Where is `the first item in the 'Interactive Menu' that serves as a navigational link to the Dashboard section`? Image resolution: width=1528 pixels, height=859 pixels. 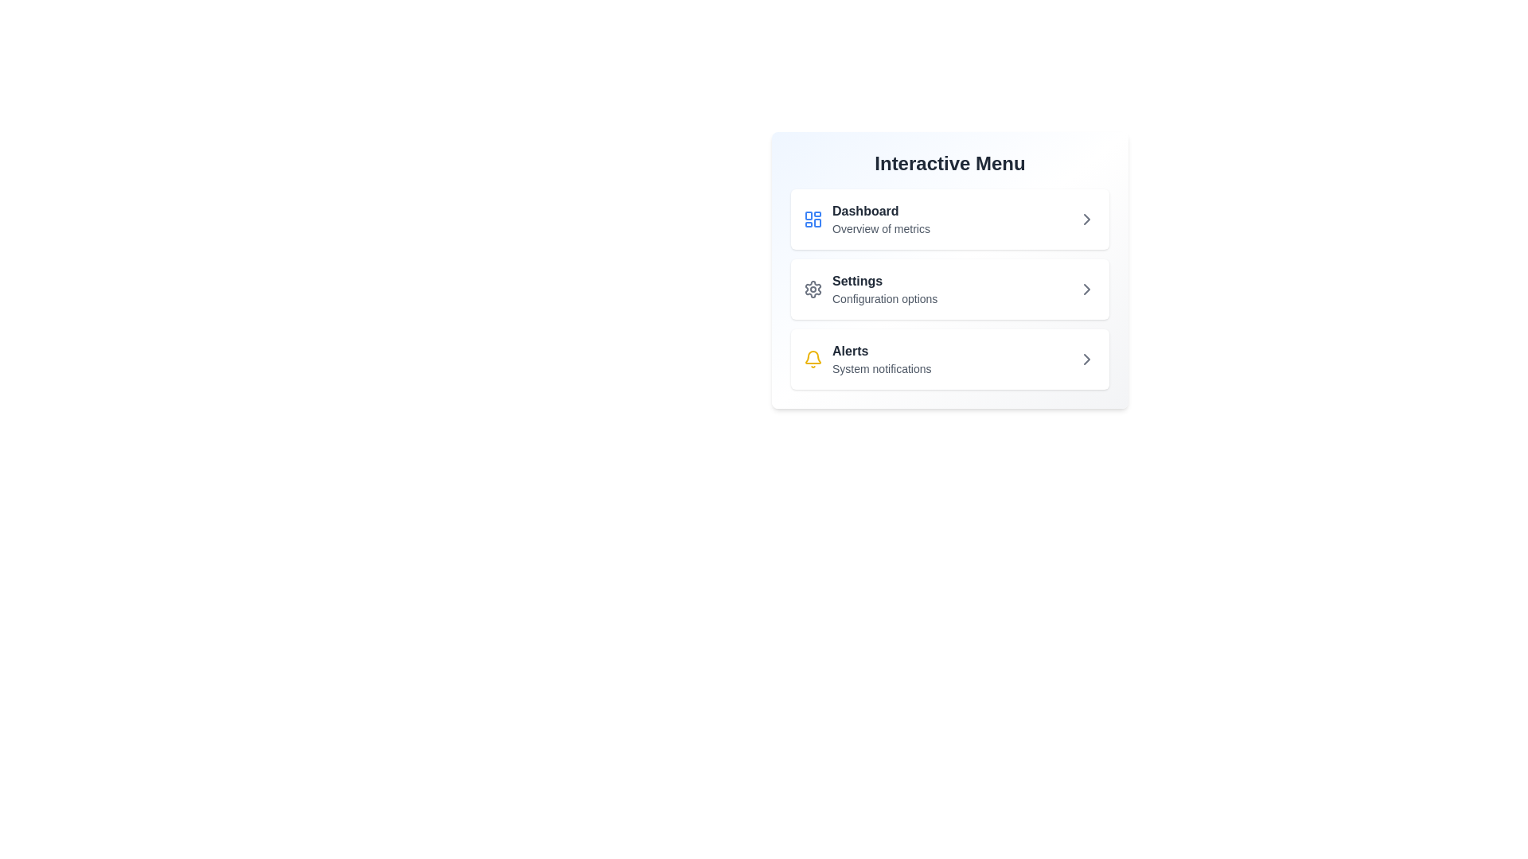 the first item in the 'Interactive Menu' that serves as a navigational link to the Dashboard section is located at coordinates (866, 220).